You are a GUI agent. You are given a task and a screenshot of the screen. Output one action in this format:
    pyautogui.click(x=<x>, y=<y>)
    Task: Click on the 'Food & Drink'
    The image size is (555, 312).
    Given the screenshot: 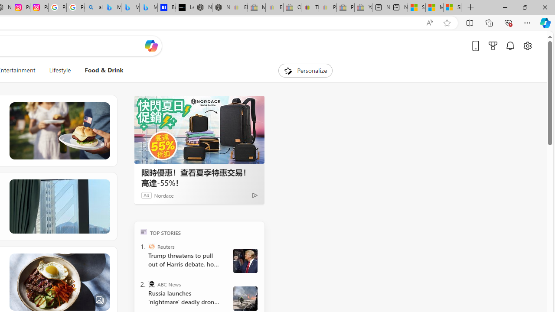 What is the action you would take?
    pyautogui.click(x=104, y=70)
    